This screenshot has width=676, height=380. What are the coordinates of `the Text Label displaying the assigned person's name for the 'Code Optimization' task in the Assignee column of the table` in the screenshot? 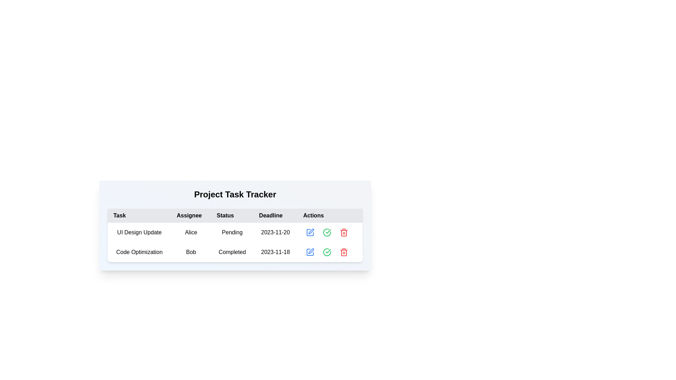 It's located at (191, 252).